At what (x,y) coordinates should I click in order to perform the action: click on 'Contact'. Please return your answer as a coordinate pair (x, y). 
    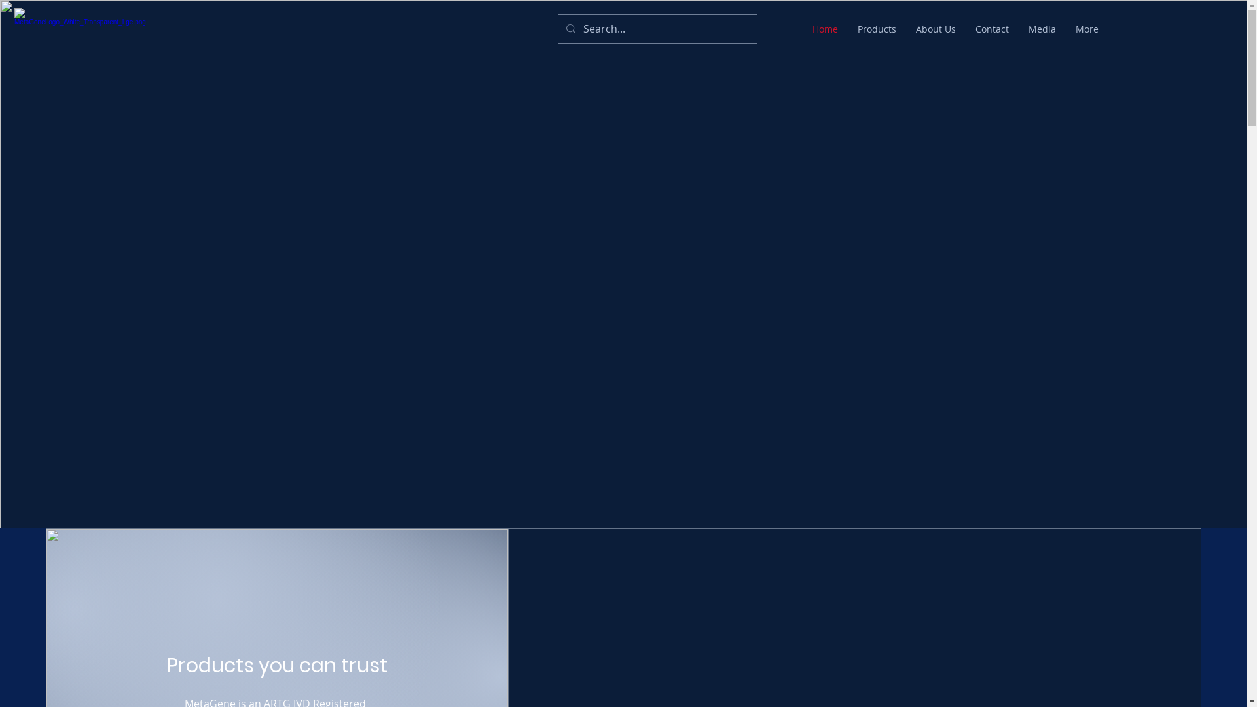
    Looking at the image, I should click on (965, 29).